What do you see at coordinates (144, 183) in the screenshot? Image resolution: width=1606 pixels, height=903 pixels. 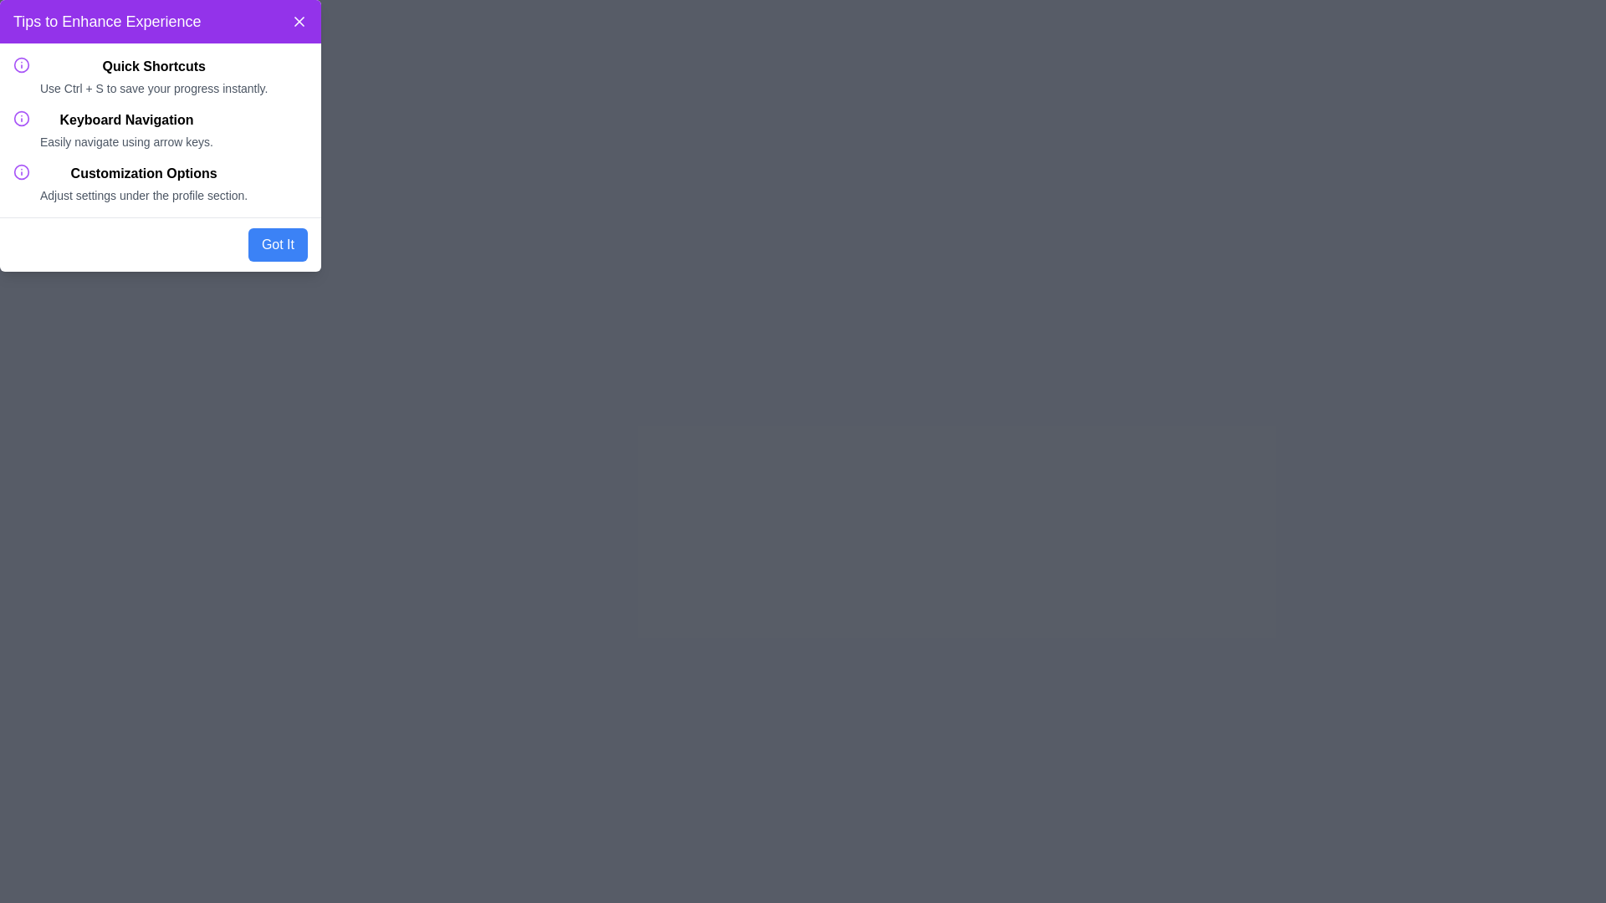 I see `informational text block located in the dialog box titled 'Tips to Enhance Experience', positioned as the third entry beneath 'Quick Shortcuts' and 'Keyboard Navigation'` at bounding box center [144, 183].